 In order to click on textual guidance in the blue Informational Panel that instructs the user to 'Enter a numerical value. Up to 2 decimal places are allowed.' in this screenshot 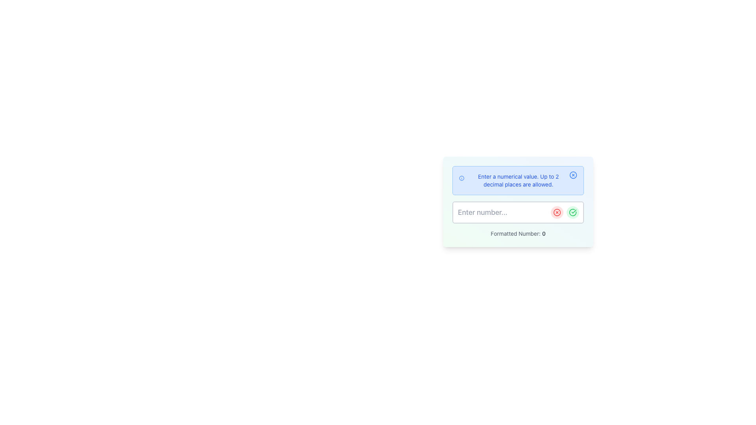, I will do `click(518, 181)`.